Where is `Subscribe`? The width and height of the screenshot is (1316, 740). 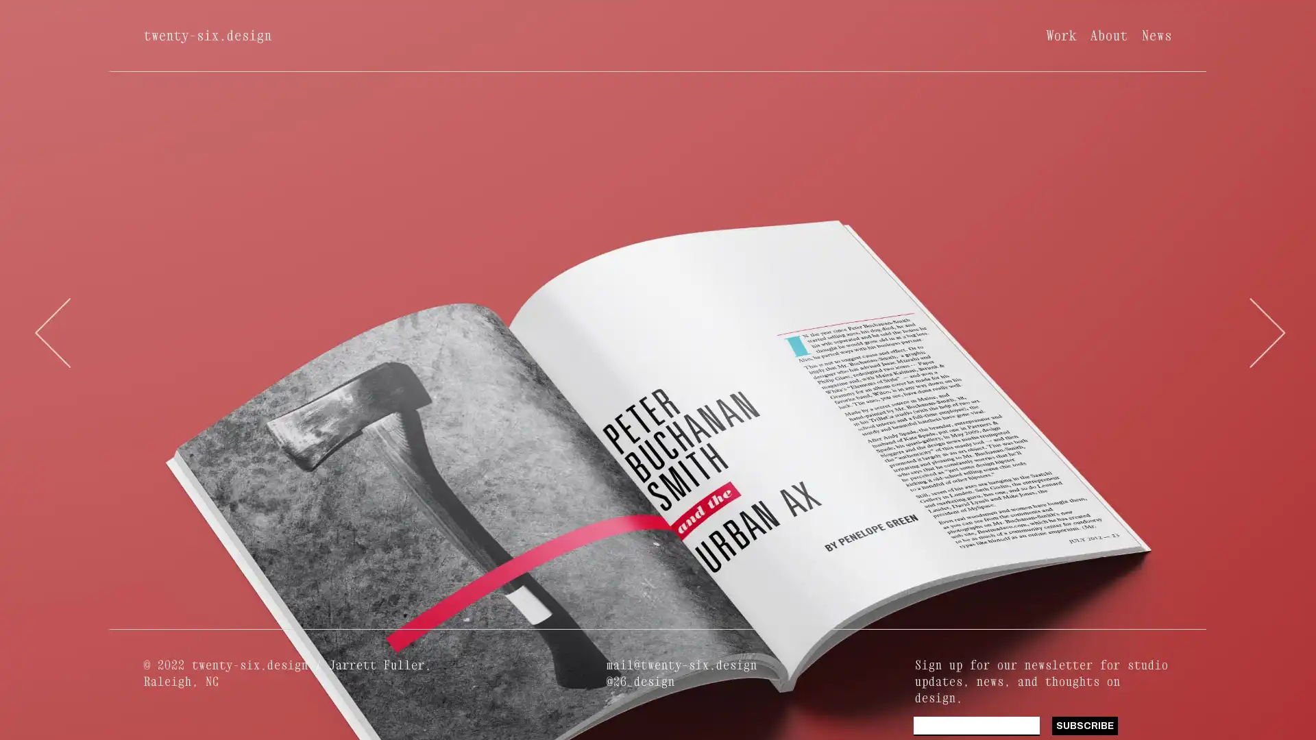
Subscribe is located at coordinates (1084, 725).